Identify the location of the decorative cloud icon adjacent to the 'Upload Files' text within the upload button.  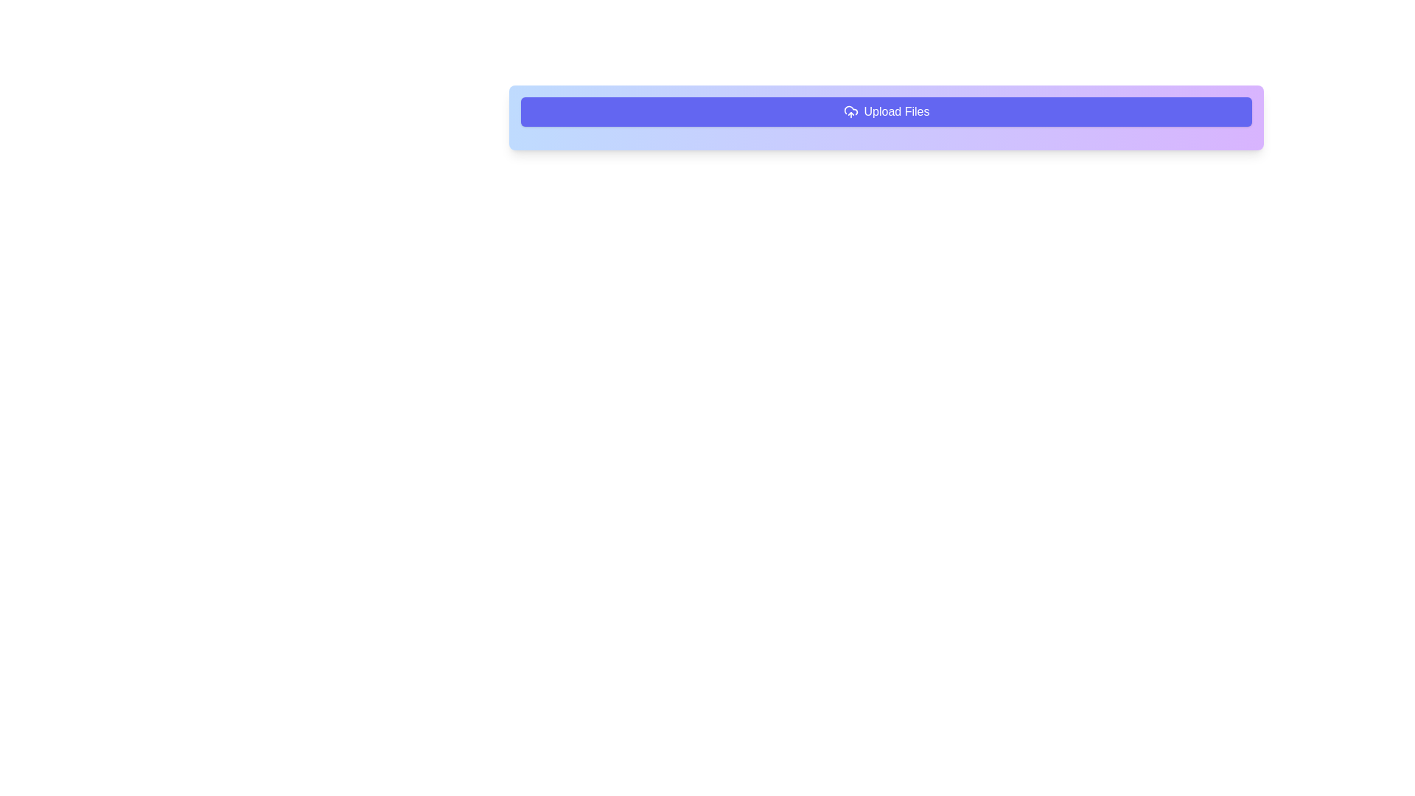
(850, 110).